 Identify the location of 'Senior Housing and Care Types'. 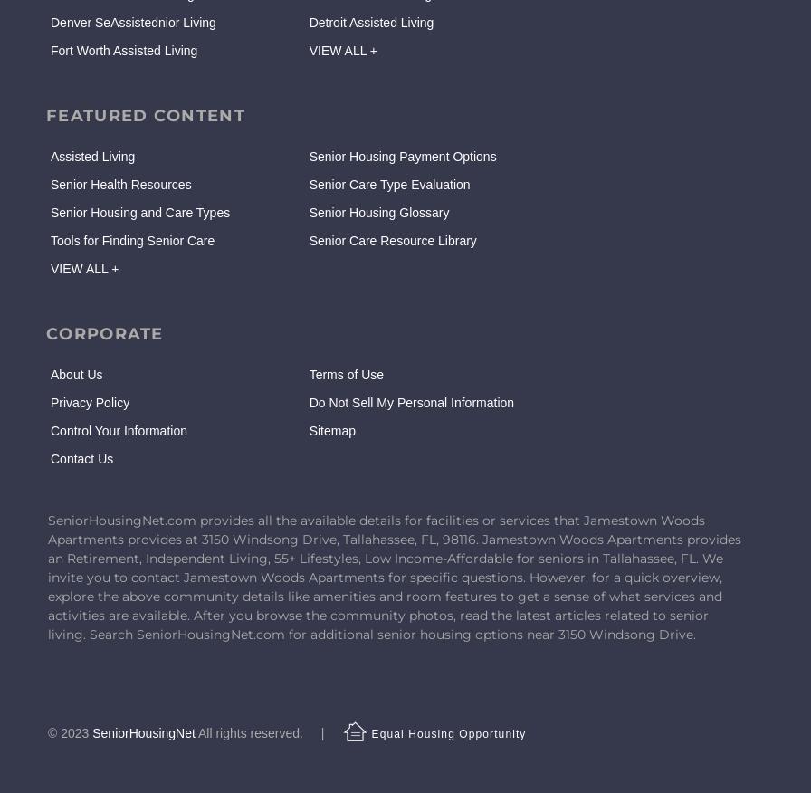
(140, 212).